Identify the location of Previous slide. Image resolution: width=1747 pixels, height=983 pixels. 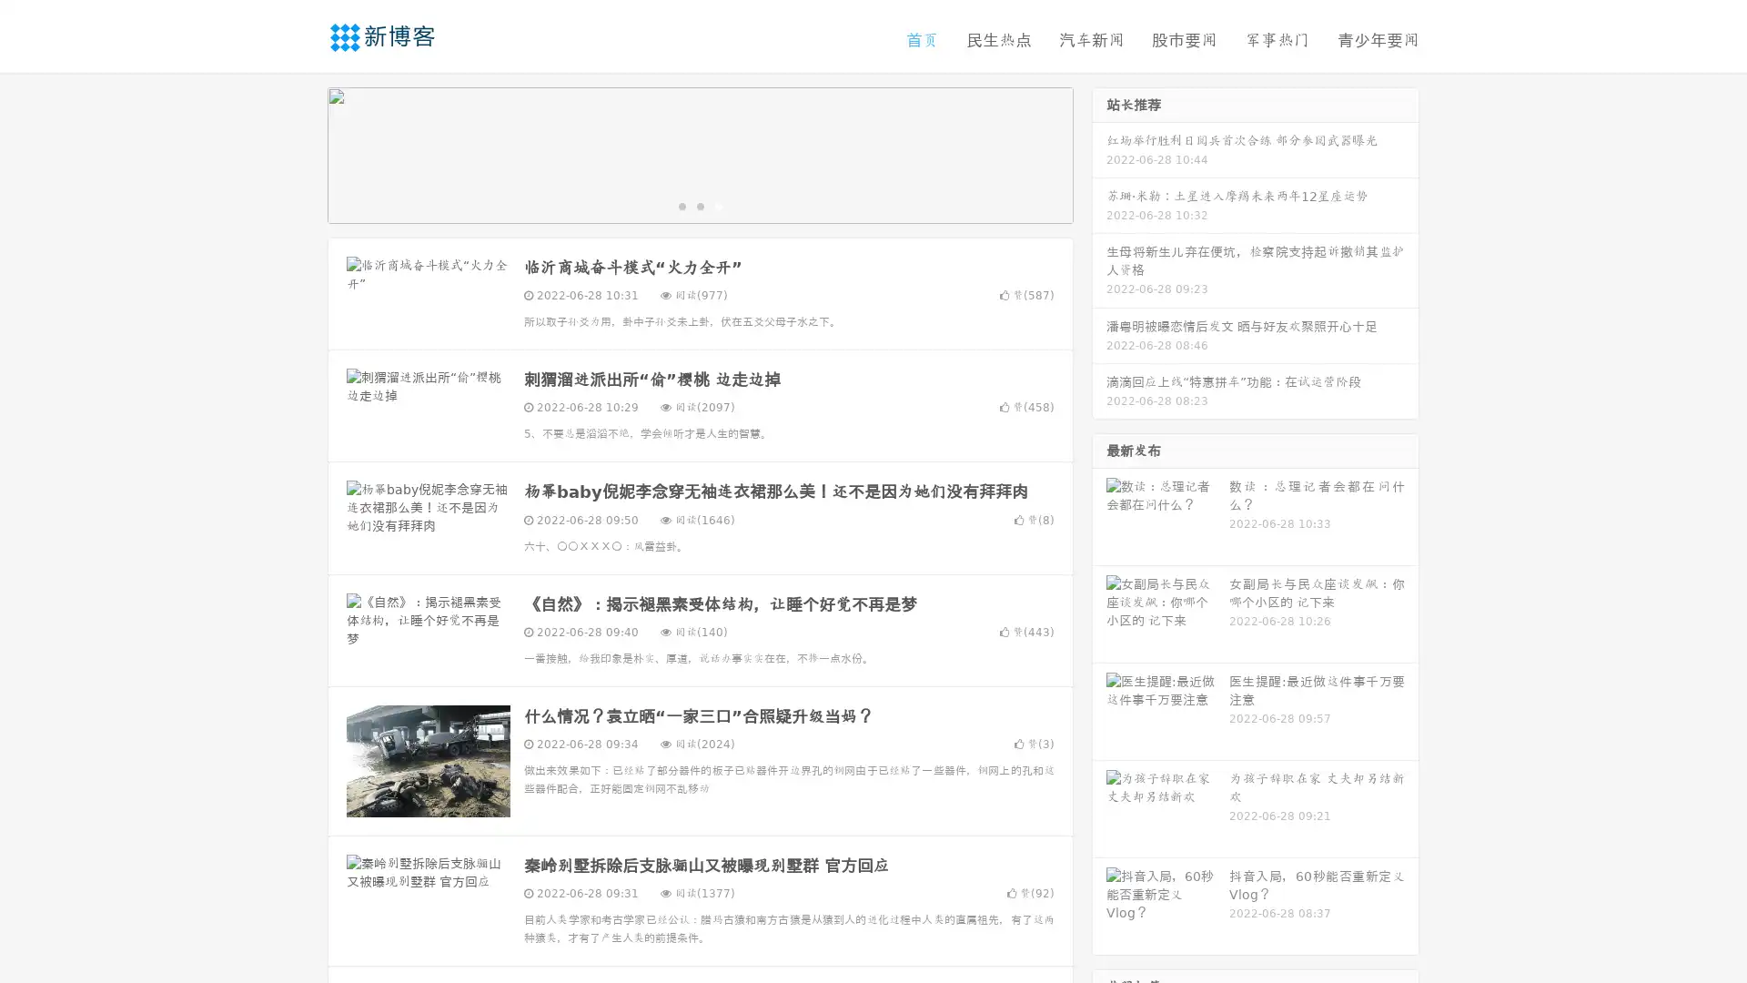
(300, 153).